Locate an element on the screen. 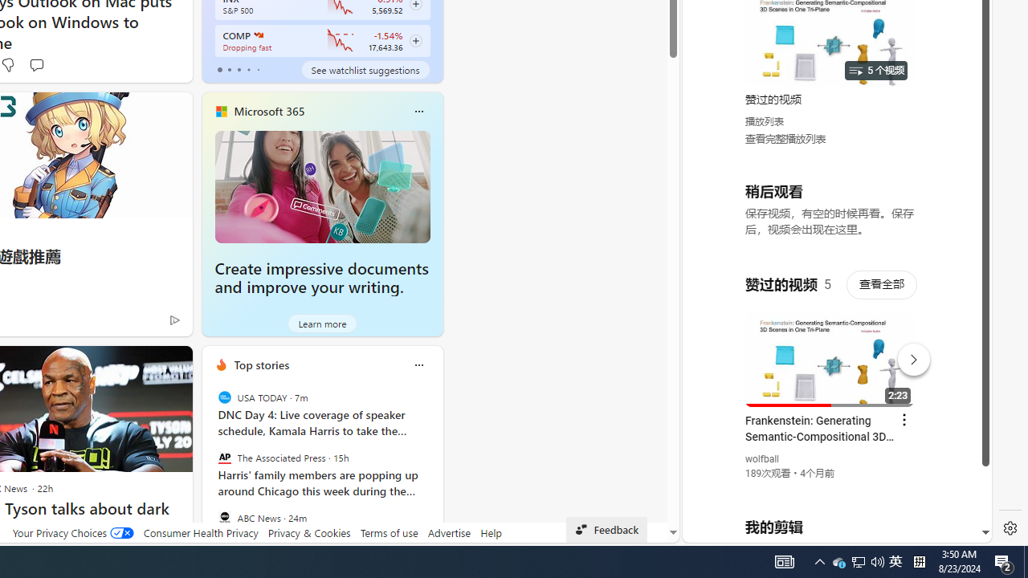 This screenshot has height=578, width=1028. 'Top stories' is located at coordinates (261, 364).